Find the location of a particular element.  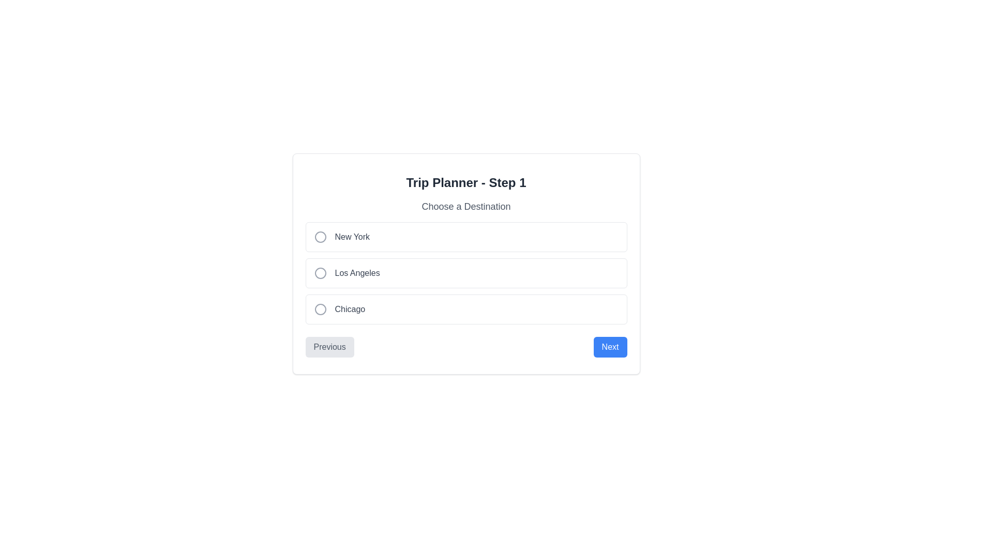

the 'Chicago' radio button option, which is the third choice in the vertical list within the 'Choose a Destination' selection box is located at coordinates (465, 308).